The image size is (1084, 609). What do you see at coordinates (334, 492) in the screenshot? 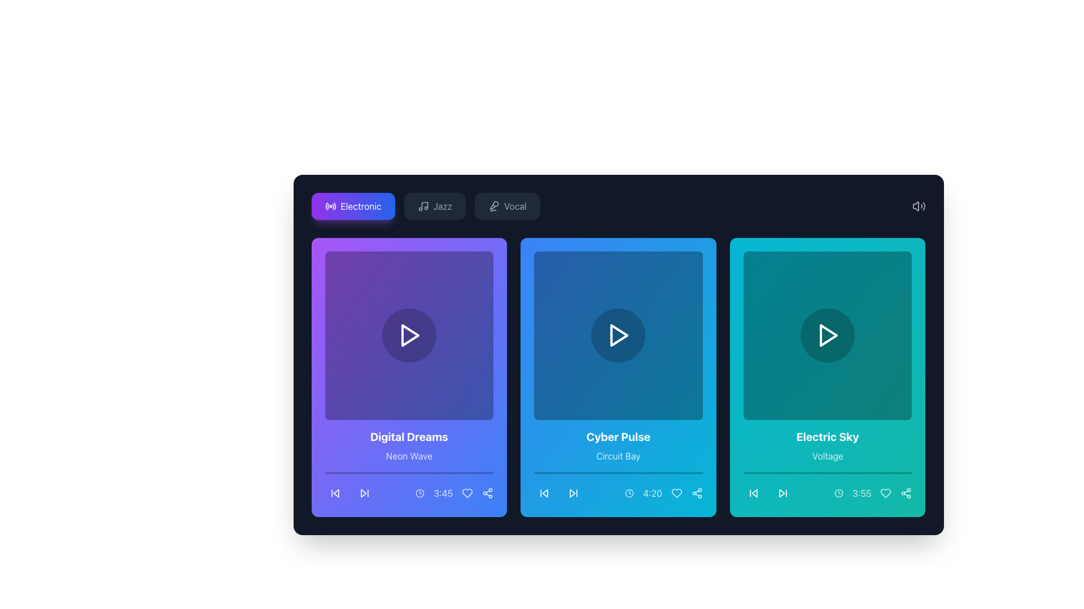
I see `the 'skip back' button located at the far left of the bottom control toolbar of the first (purple) card in the media player interface` at bounding box center [334, 492].